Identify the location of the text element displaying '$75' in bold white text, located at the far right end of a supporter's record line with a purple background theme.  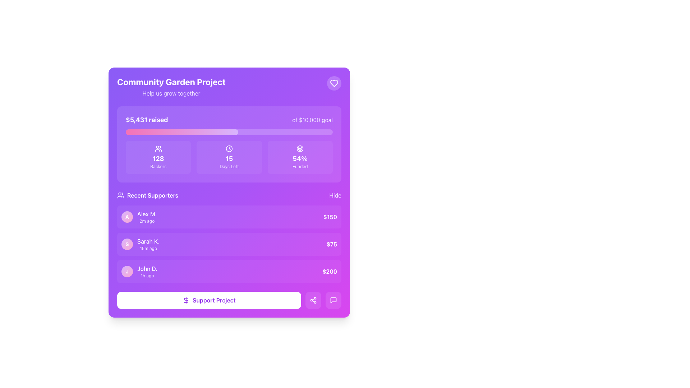
(331, 244).